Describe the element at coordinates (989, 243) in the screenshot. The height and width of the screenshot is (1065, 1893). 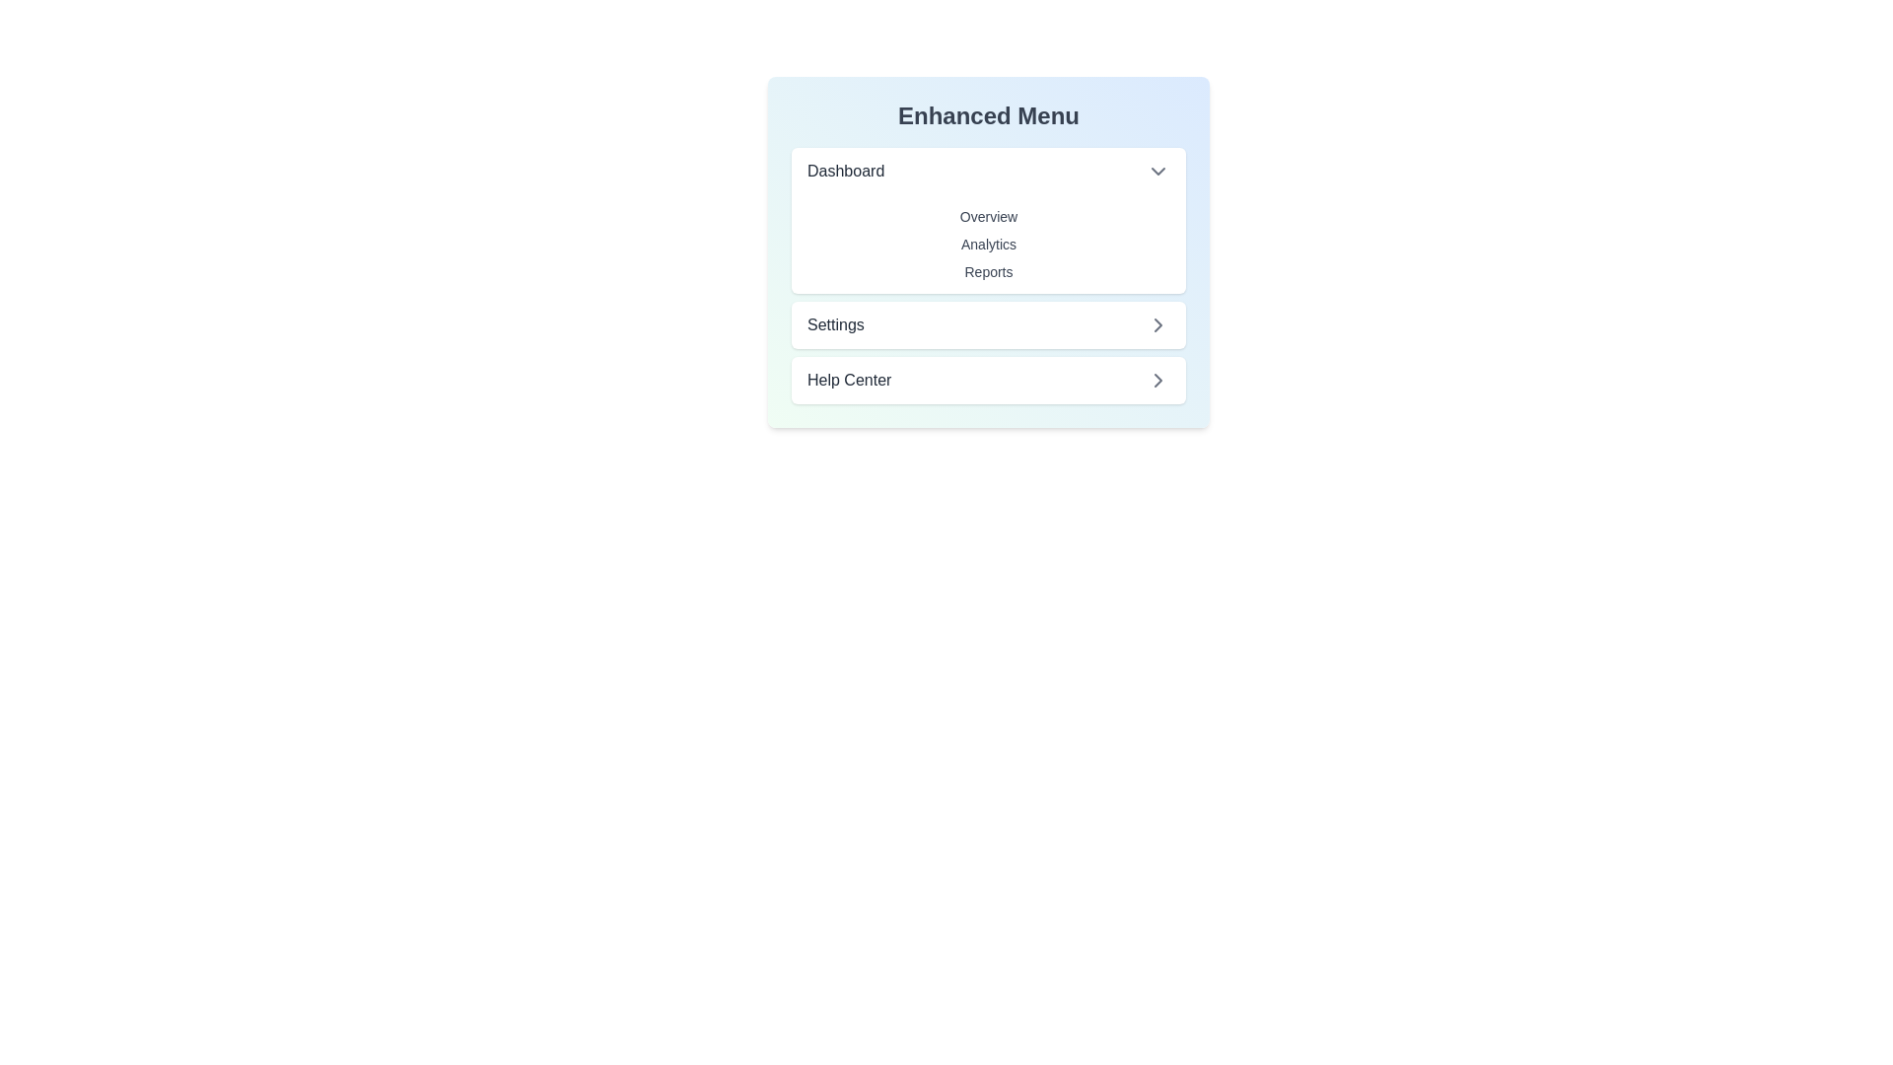
I see `the second menu option in the dropdown-style menu that is located centrally in the interface, positioned below the 'Overview' text and above the 'Reports' text` at that location.